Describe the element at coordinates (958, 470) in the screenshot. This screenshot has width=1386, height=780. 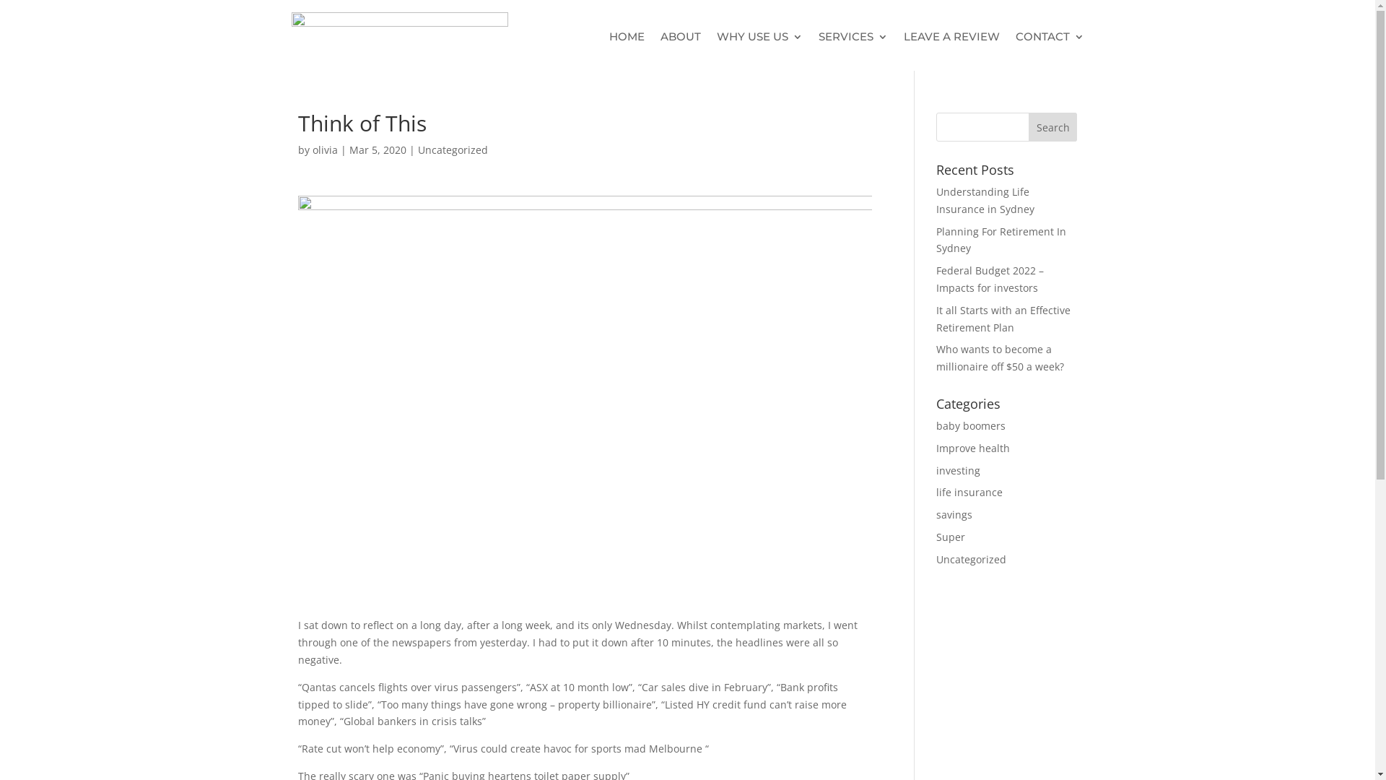
I see `'investing'` at that location.